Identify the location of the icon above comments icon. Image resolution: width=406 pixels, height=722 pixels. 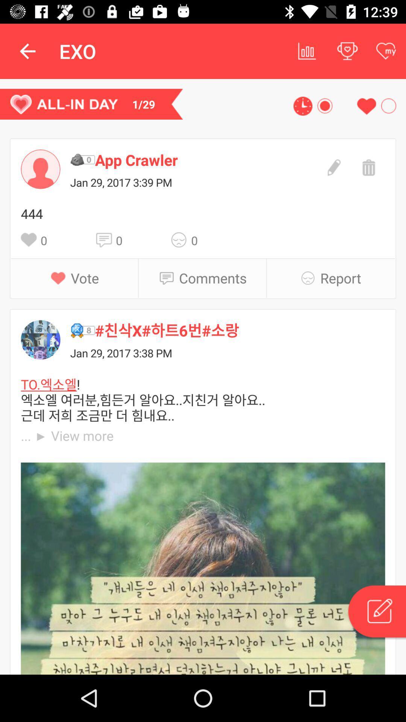
(181, 239).